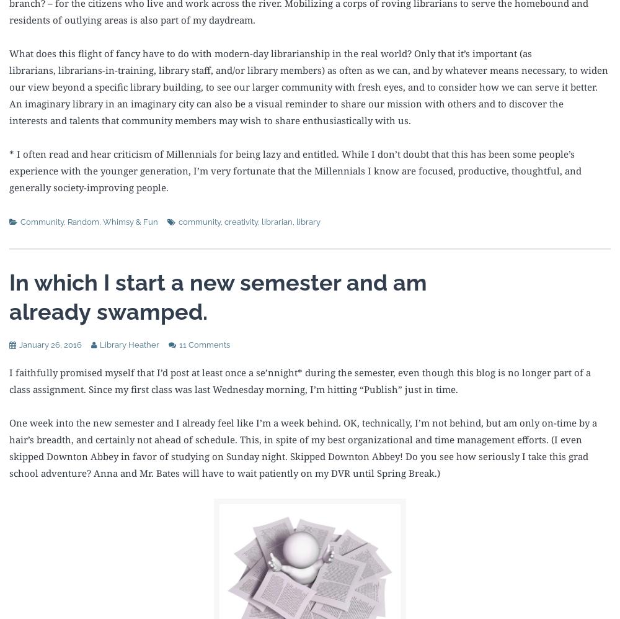 The image size is (620, 619). I want to click on 'library', so click(308, 221).